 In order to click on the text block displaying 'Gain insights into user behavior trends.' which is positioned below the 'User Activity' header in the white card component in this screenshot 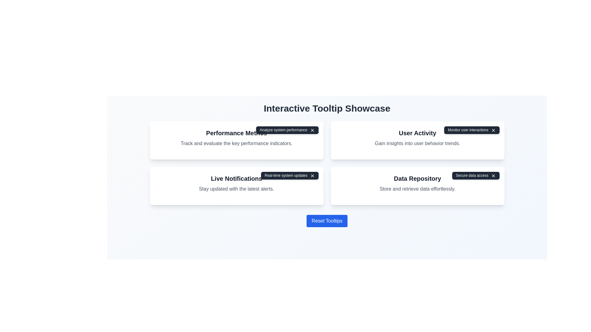, I will do `click(417, 143)`.